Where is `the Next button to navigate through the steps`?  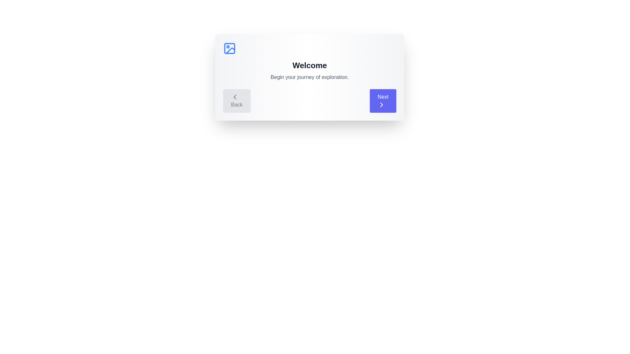 the Next button to navigate through the steps is located at coordinates (383, 101).